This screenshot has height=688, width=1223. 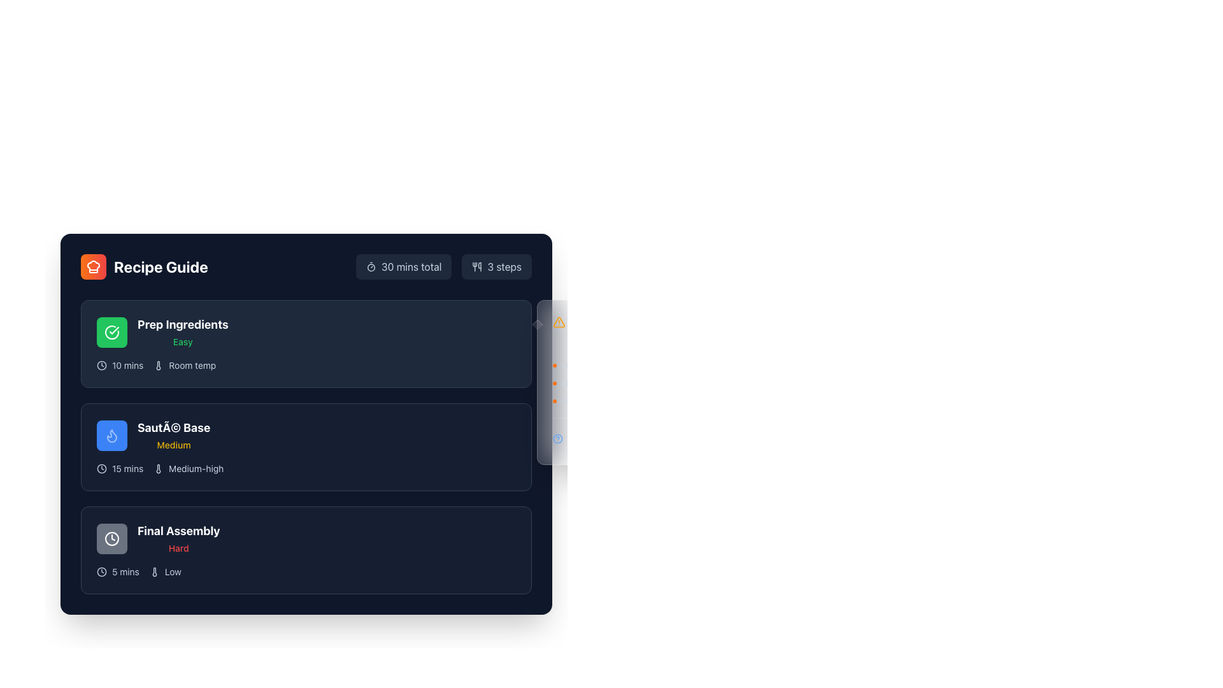 I want to click on the temperature label with icon located under the '15 mins' time indicator in the 'Sauté Base' section of the recipe guide interface, so click(x=188, y=469).